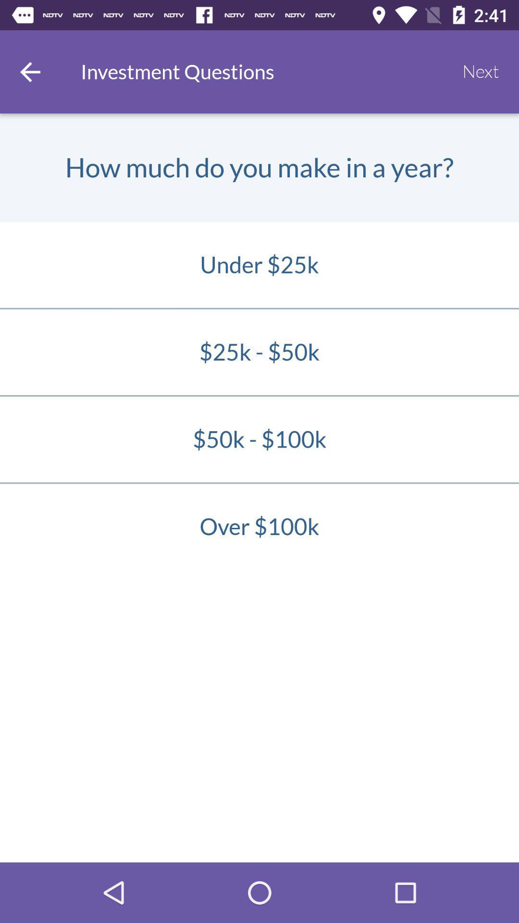 The width and height of the screenshot is (519, 923). Describe the element at coordinates (29, 71) in the screenshot. I see `icon to the left of investment questions item` at that location.